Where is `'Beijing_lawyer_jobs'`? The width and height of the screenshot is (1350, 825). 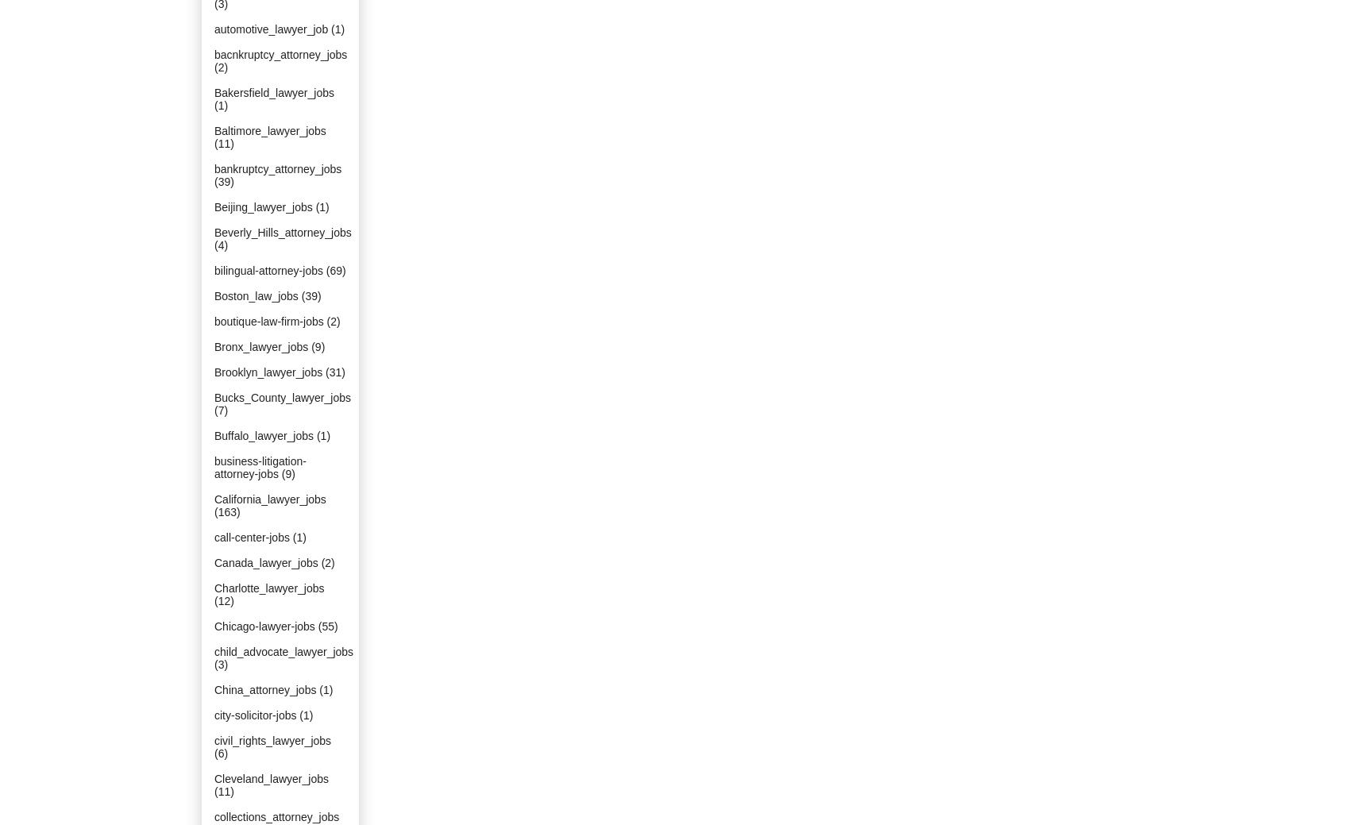
'Beijing_lawyer_jobs' is located at coordinates (262, 206).